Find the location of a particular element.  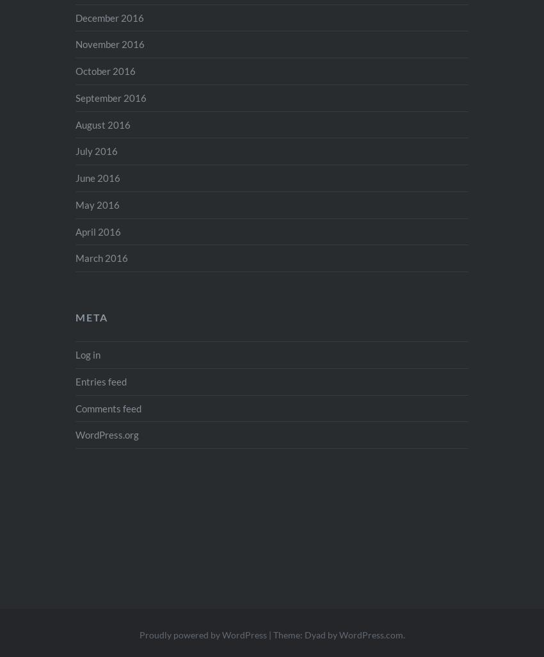

'Entries feed' is located at coordinates (74, 380).